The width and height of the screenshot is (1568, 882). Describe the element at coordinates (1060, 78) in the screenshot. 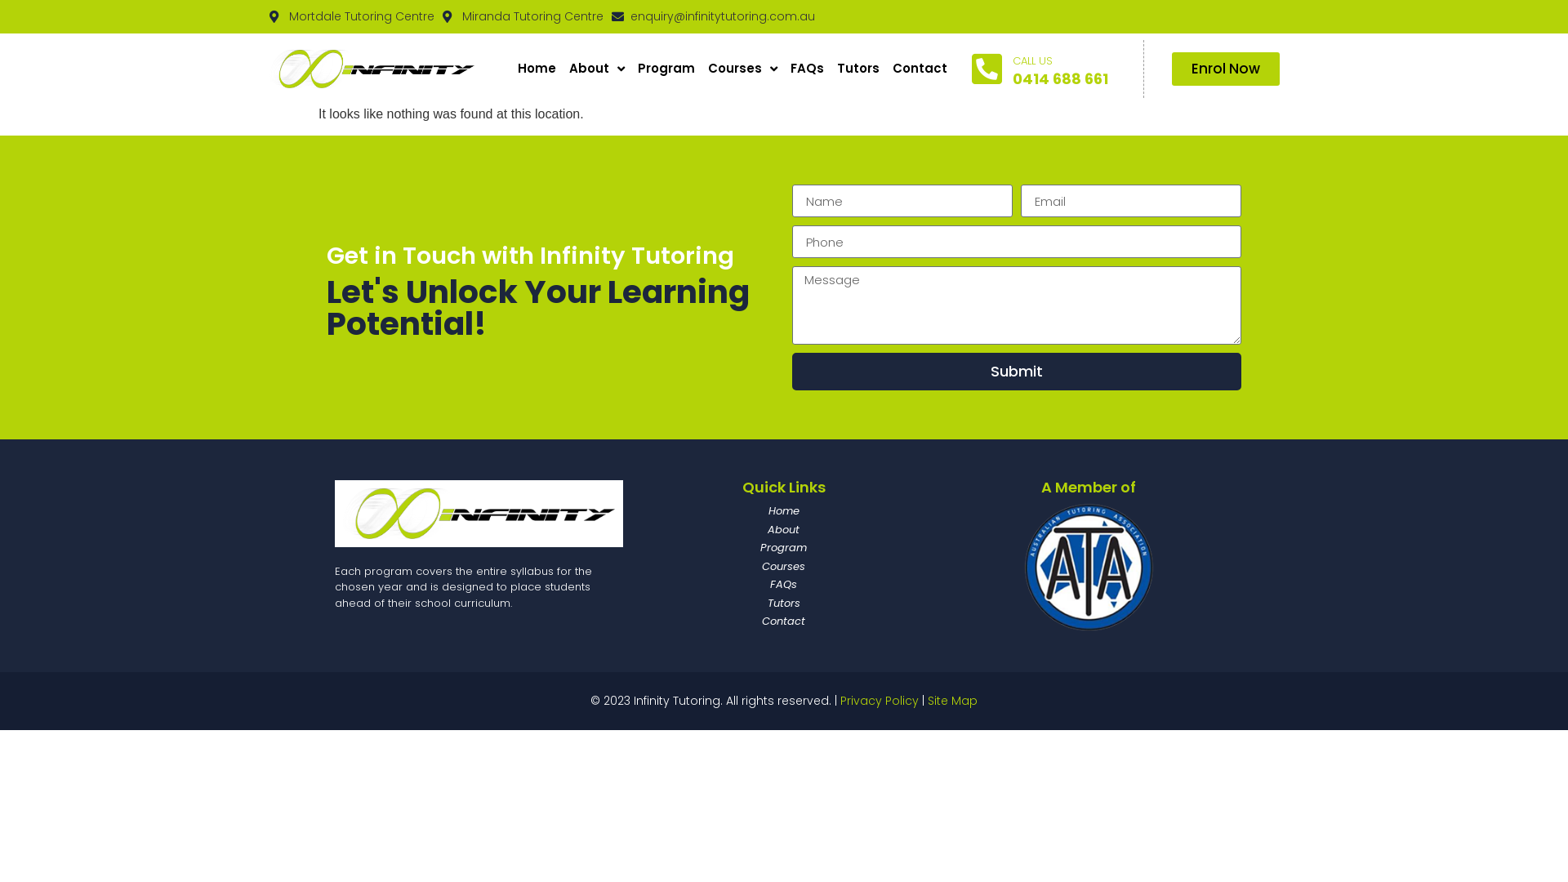

I see `'0414 688 661'` at that location.